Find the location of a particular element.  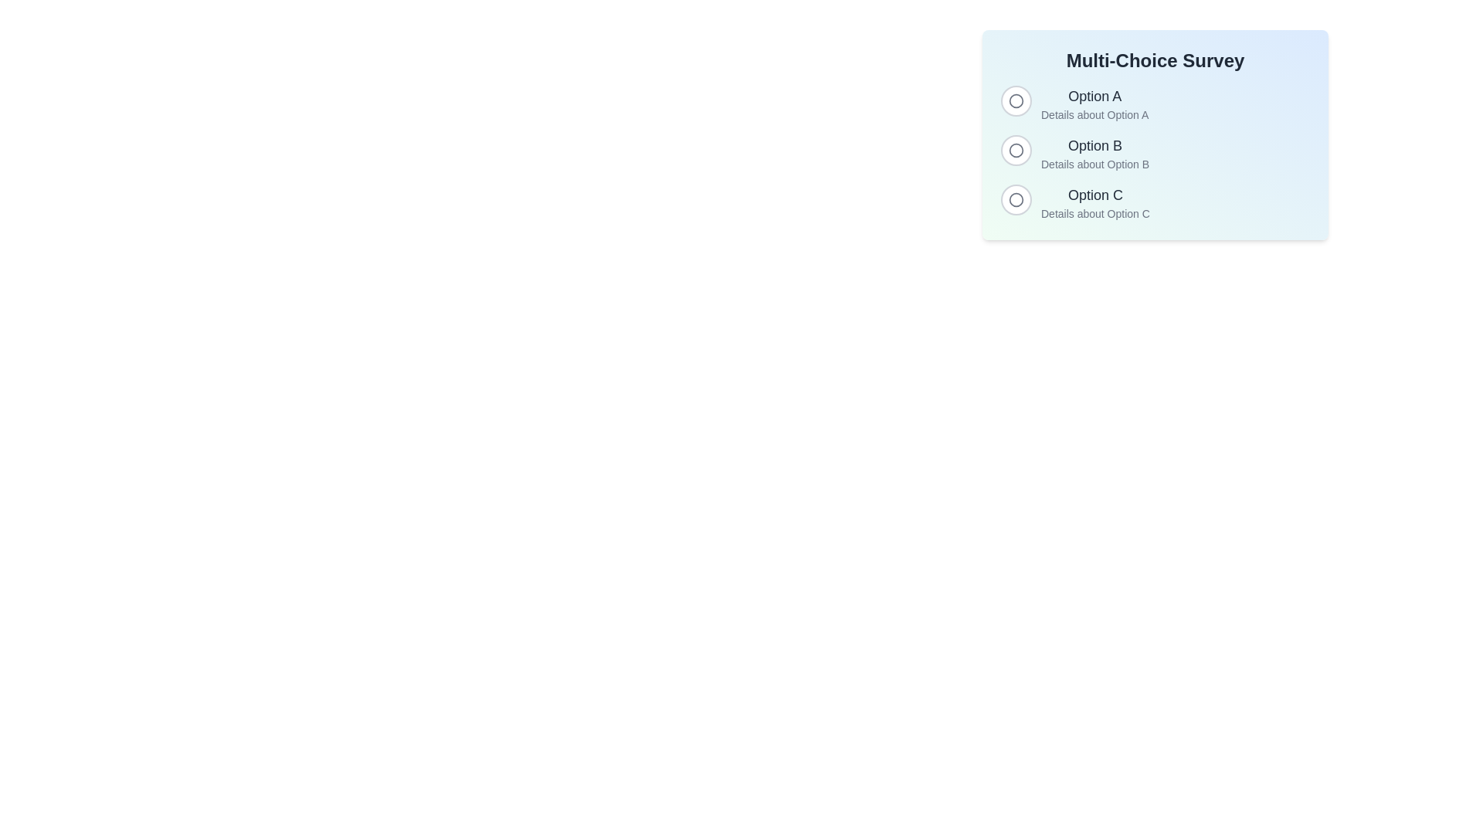

the rich text label that displays information about the second option in a multi-choice selection interface, located between 'Option A' and 'Option C' is located at coordinates (1094, 154).